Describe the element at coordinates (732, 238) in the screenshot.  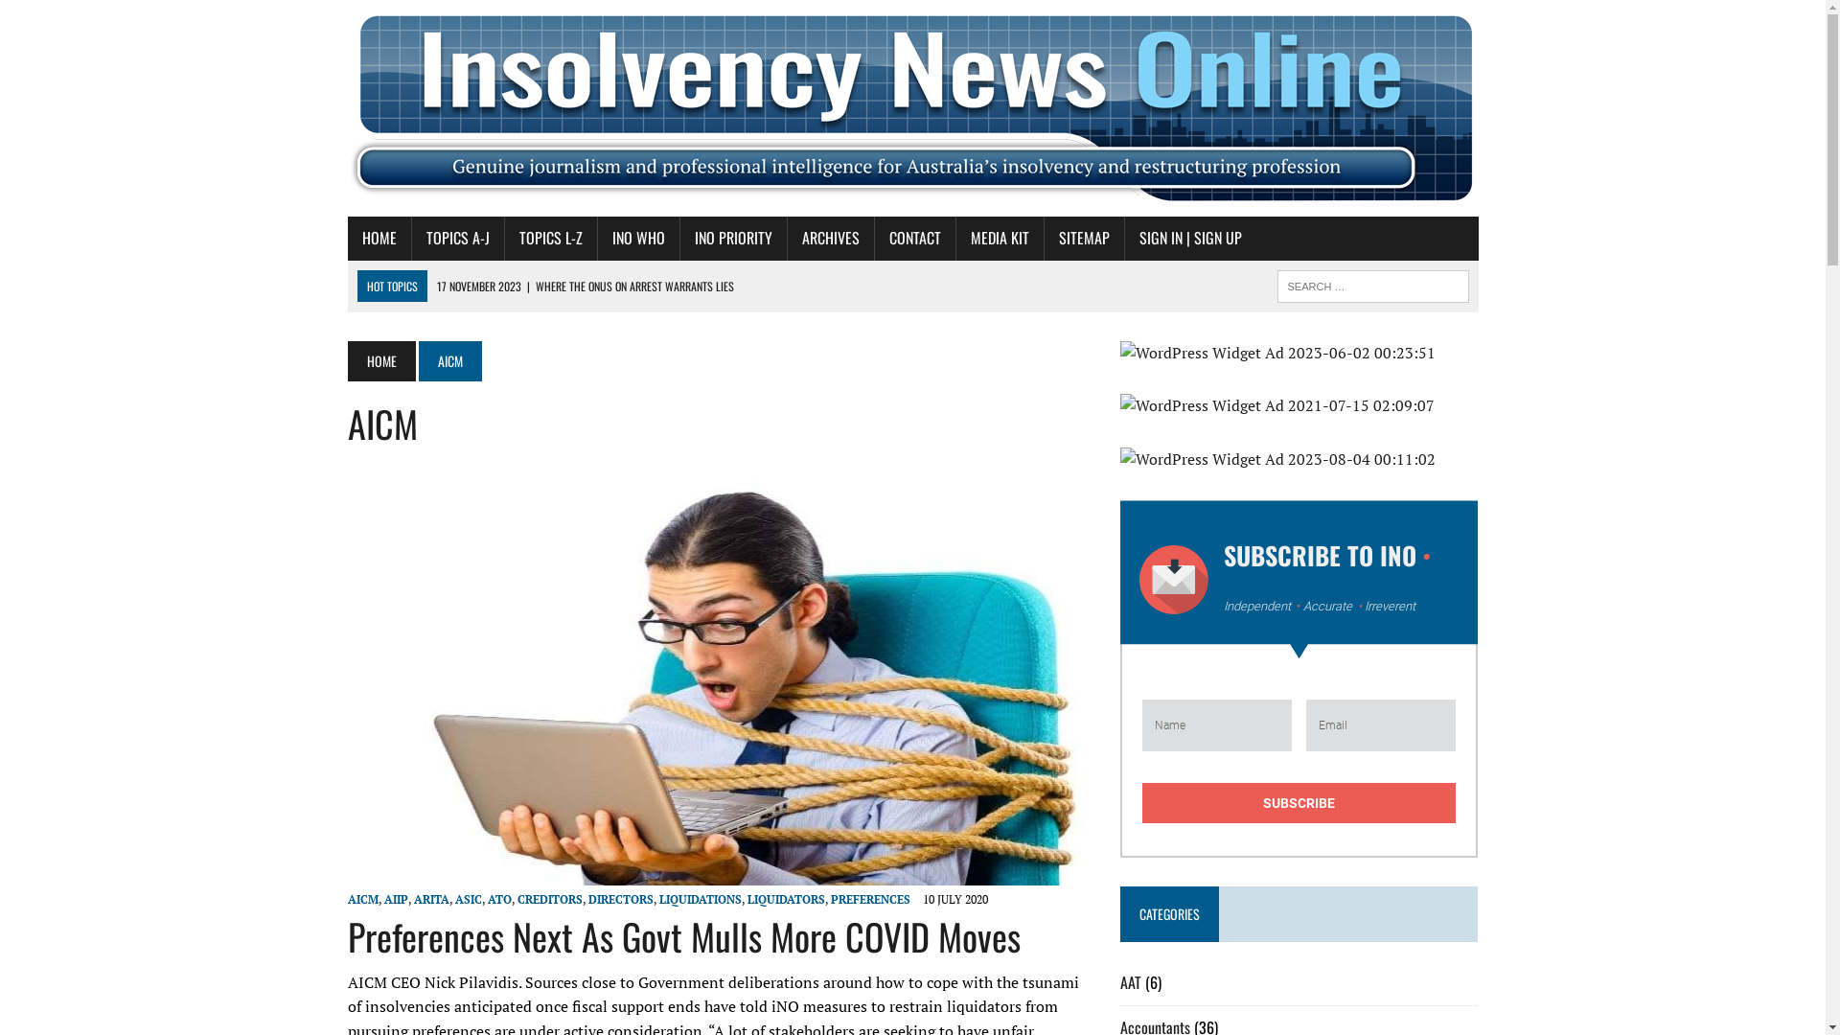
I see `'INO PRIORITY'` at that location.